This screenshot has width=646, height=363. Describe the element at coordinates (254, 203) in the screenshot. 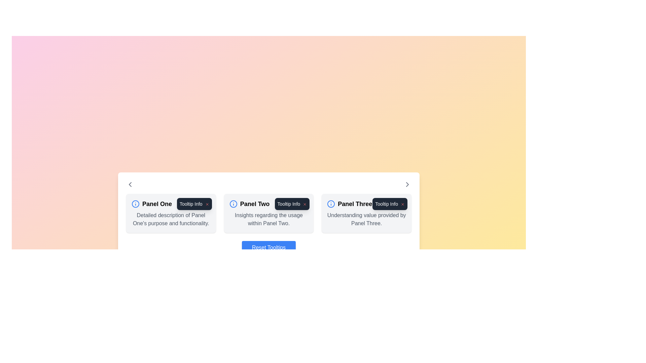

I see `the text label that reads 'Panel Two', which is styled with bold and large font and is horizontally centered in the layout` at that location.